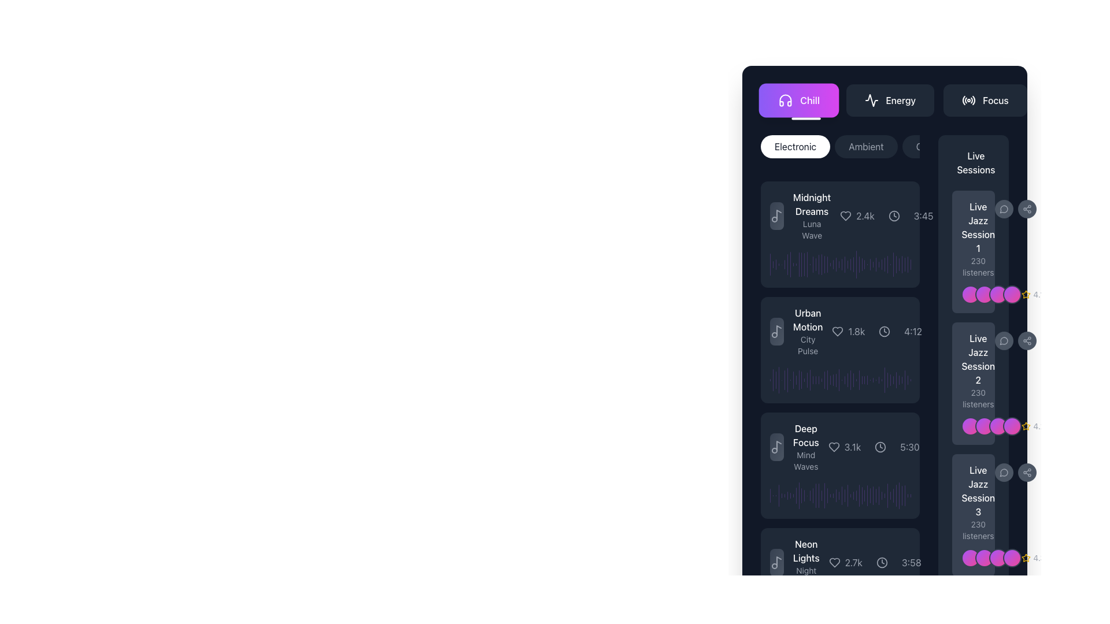 The image size is (1110, 624). Describe the element at coordinates (840, 465) in the screenshot. I see `the music session card` at that location.